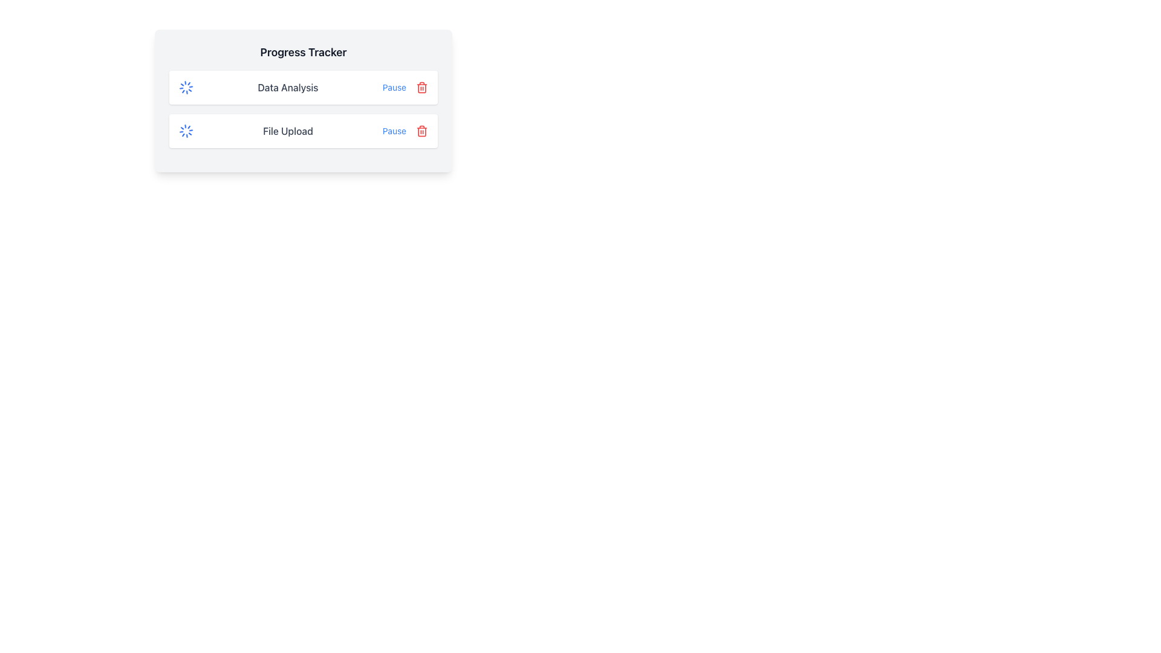 The height and width of the screenshot is (653, 1161). Describe the element at coordinates (394, 87) in the screenshot. I see `the blue-colored text link labeled 'Pause' located near the right corner of the 'Data Analysis' item` at that location.